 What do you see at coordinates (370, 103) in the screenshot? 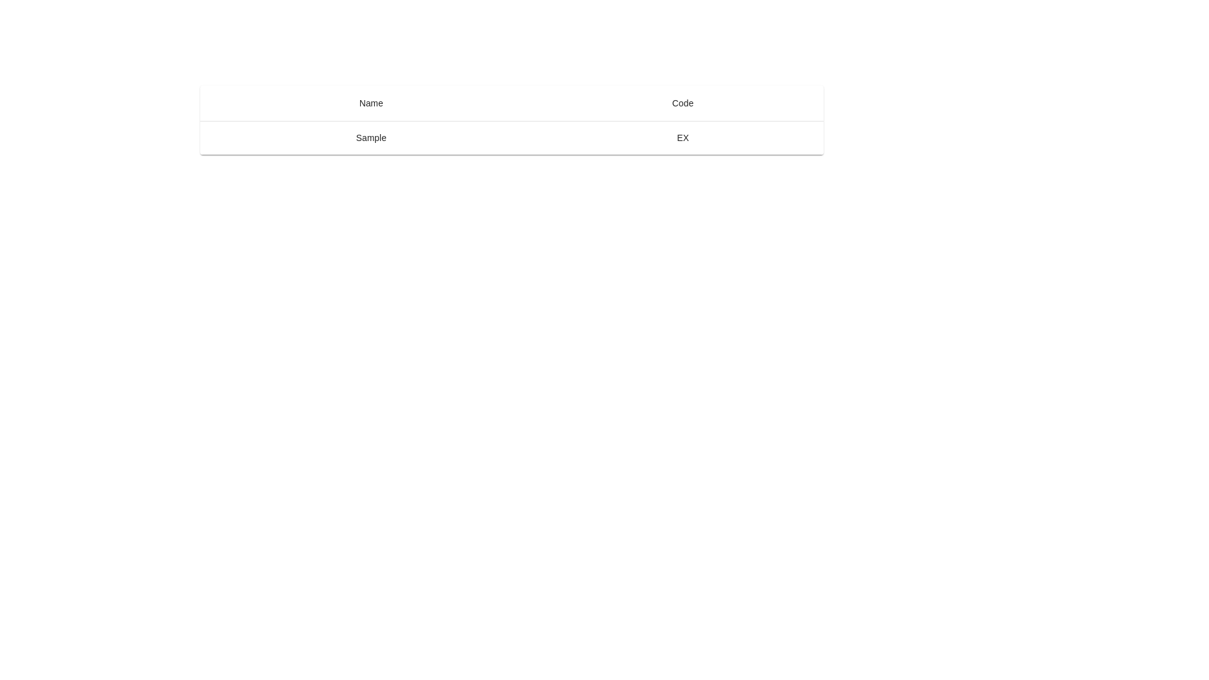
I see `text of the Table Header Cell that categorizes the 'Name' column in the table, located at the left side of the header row` at bounding box center [370, 103].